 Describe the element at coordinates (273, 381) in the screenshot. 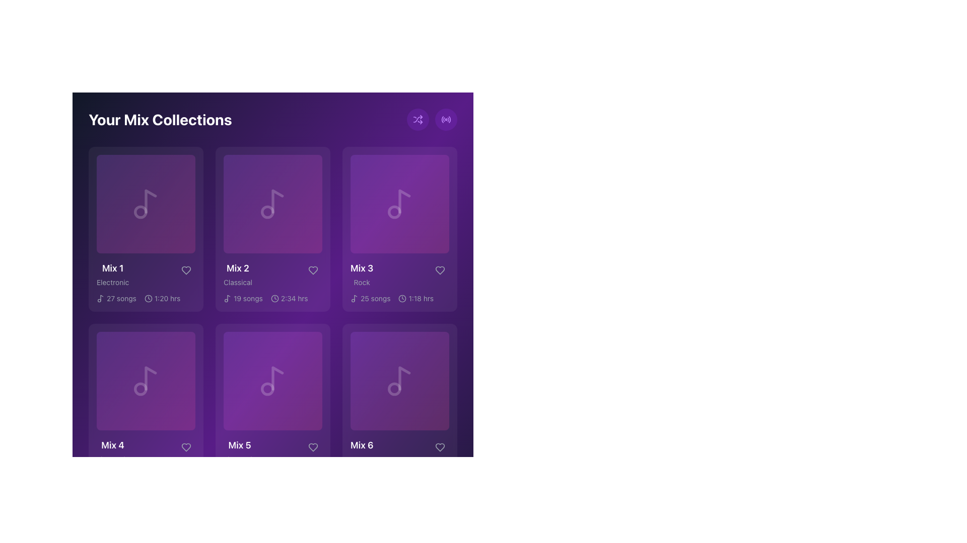

I see `the interactive card featuring a gradient purple background and a musical note icon, located in the 'Your Mix Collections' section, specifically the middle row, second from the left` at that location.